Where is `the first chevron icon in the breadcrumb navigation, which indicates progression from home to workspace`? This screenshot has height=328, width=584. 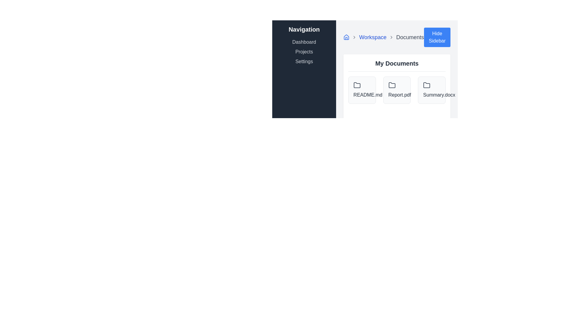 the first chevron icon in the breadcrumb navigation, which indicates progression from home to workspace is located at coordinates (354, 37).